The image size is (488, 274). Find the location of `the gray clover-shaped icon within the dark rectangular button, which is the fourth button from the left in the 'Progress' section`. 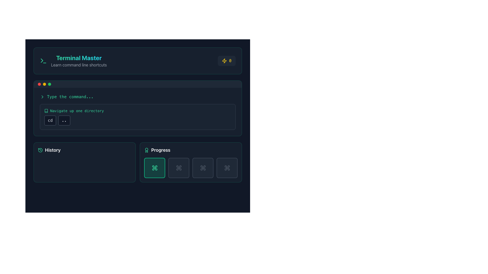

the gray clover-shaped icon within the dark rectangular button, which is the fourth button from the left in the 'Progress' section is located at coordinates (227, 168).